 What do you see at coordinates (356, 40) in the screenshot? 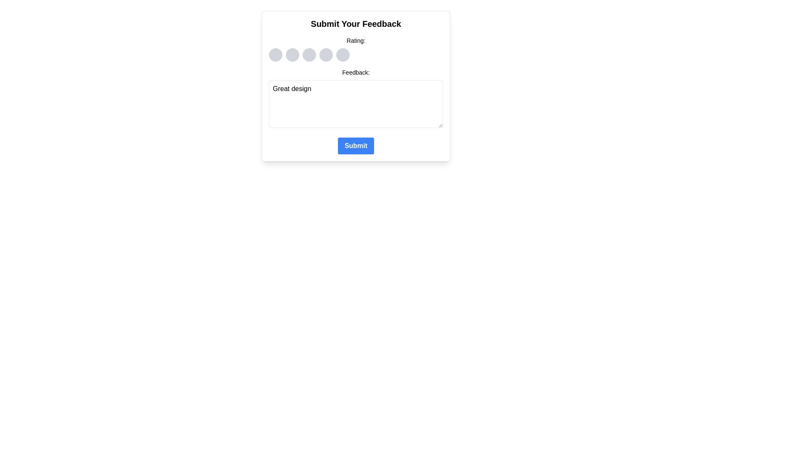
I see `descriptive text label located above the set of five circular rating icons in the form` at bounding box center [356, 40].